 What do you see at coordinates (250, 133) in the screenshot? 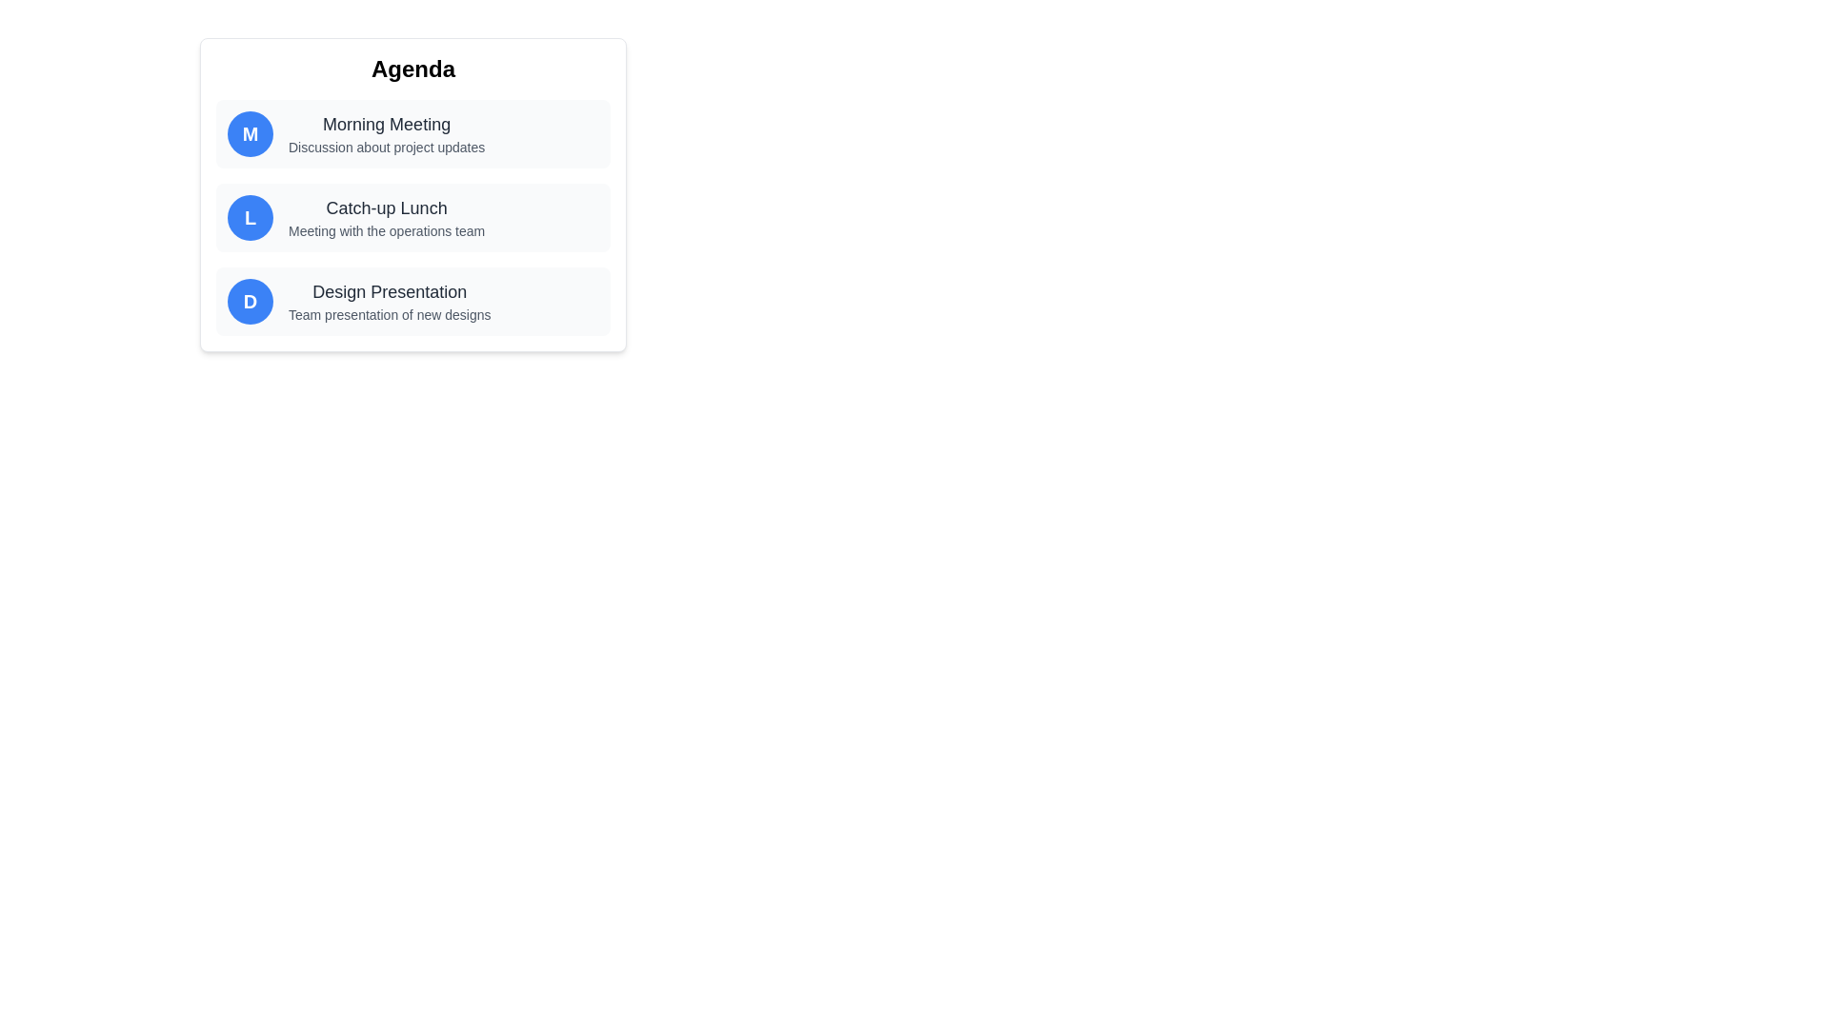
I see `the circular badge with a blue background and white 'M' text` at bounding box center [250, 133].